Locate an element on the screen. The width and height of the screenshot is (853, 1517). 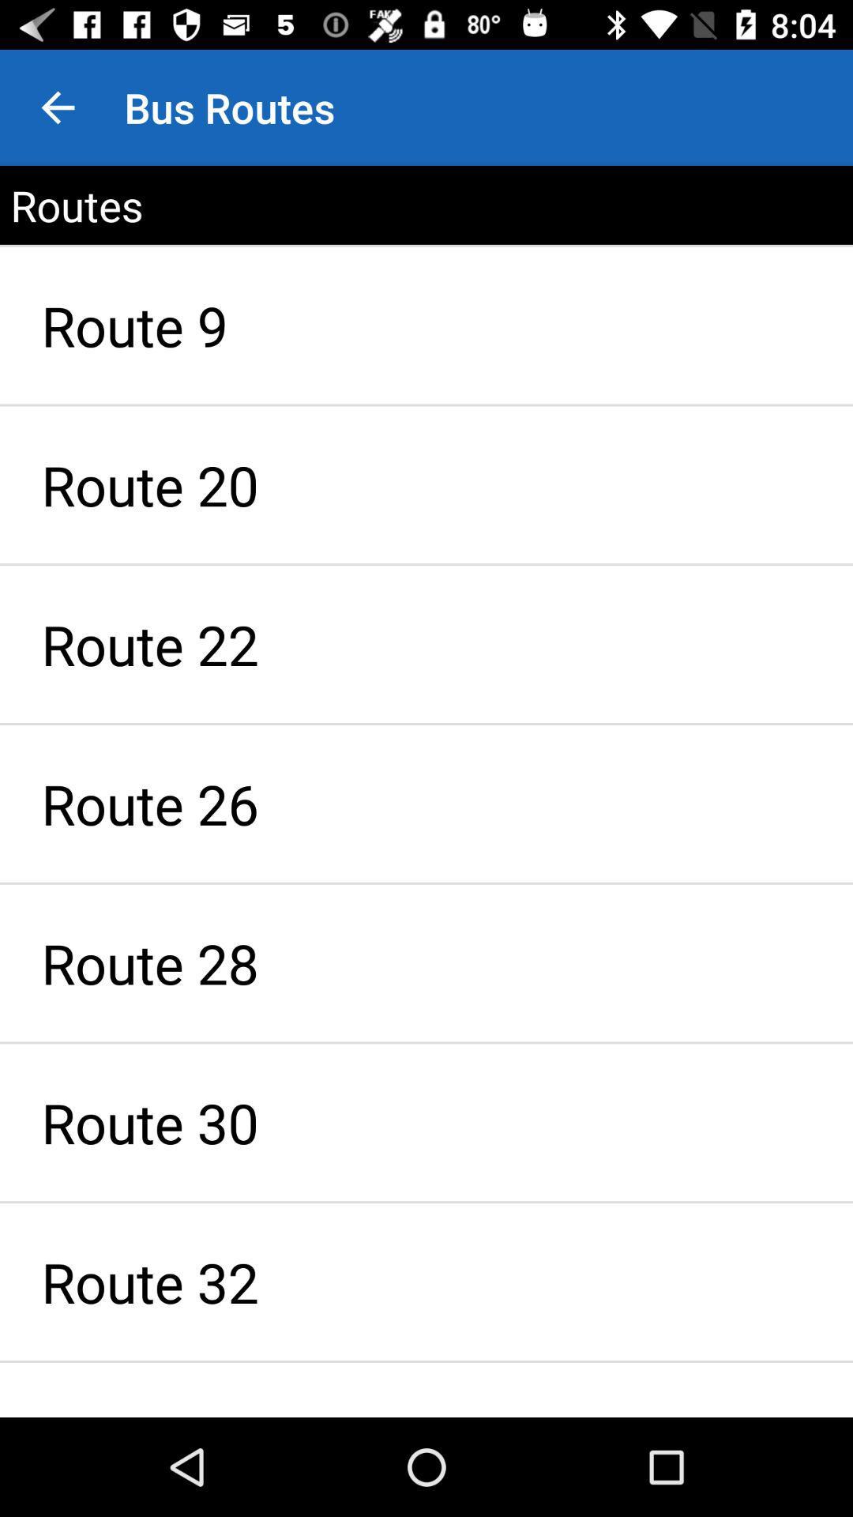
route 33 icon is located at coordinates (426, 1389).